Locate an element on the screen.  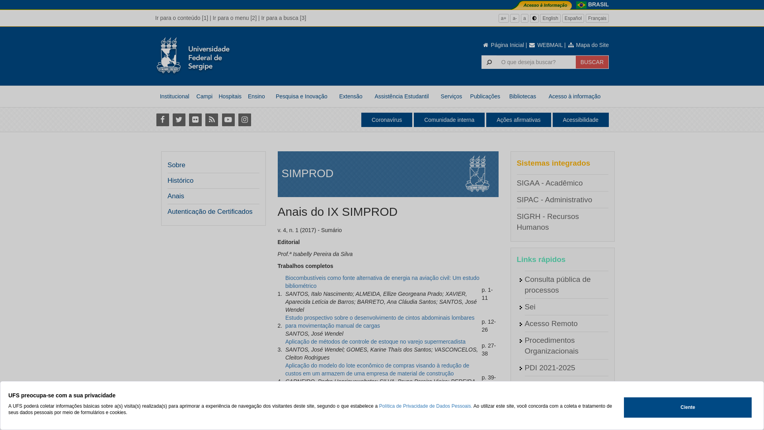
'Acessibilidade' is located at coordinates (552, 119).